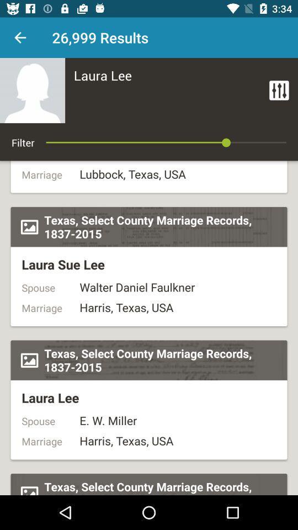  Describe the element at coordinates (278, 89) in the screenshot. I see `filter or sort` at that location.